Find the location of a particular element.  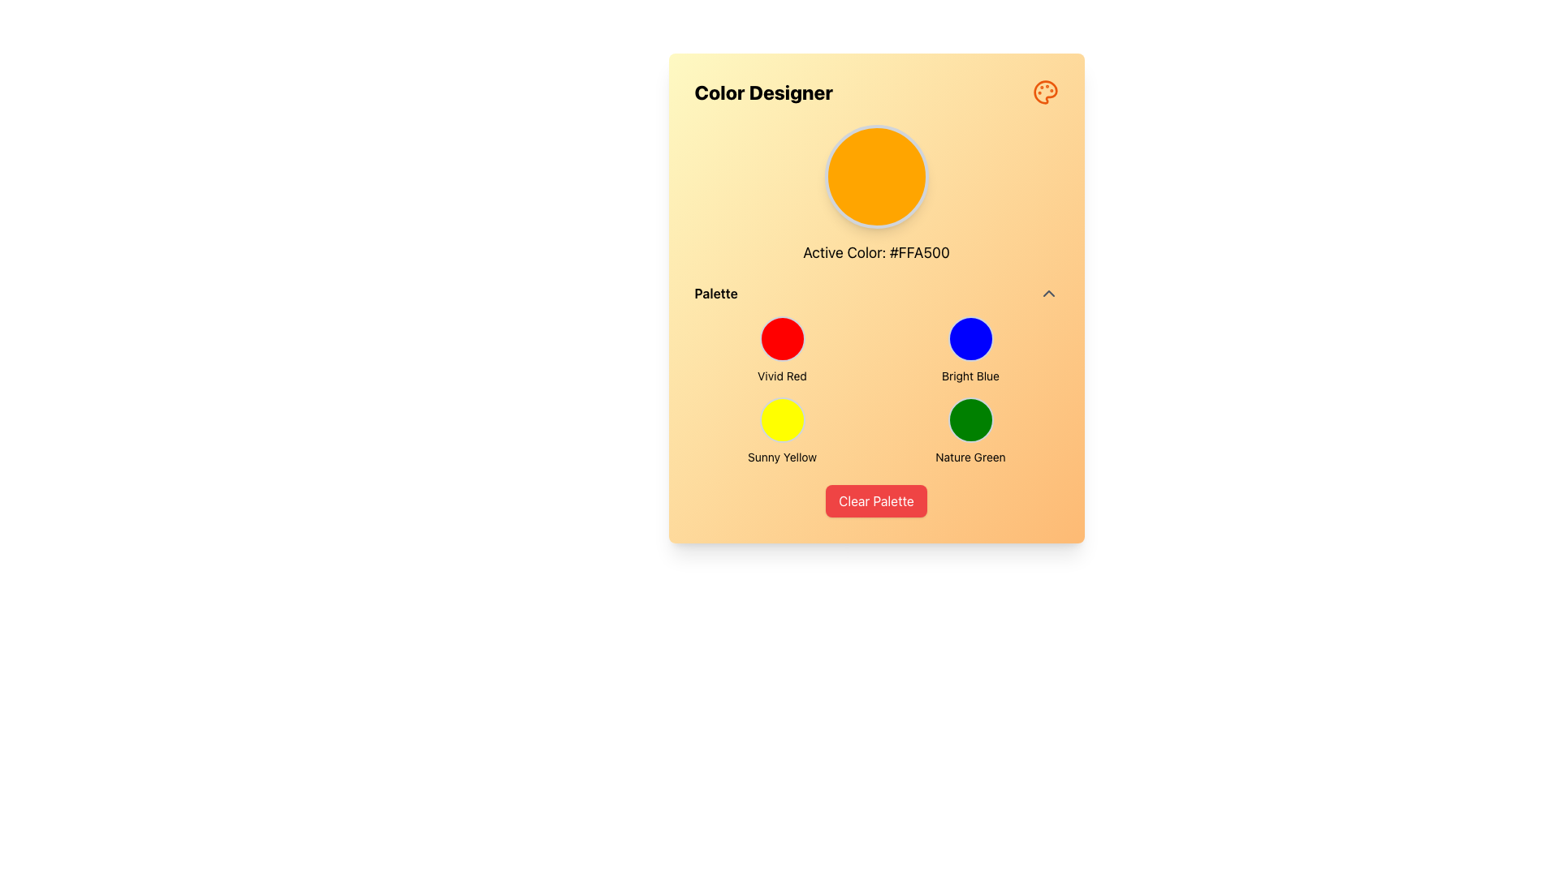

the gray upward-pointing chevron icon located at the right end of the 'Palette' label is located at coordinates (1048, 294).